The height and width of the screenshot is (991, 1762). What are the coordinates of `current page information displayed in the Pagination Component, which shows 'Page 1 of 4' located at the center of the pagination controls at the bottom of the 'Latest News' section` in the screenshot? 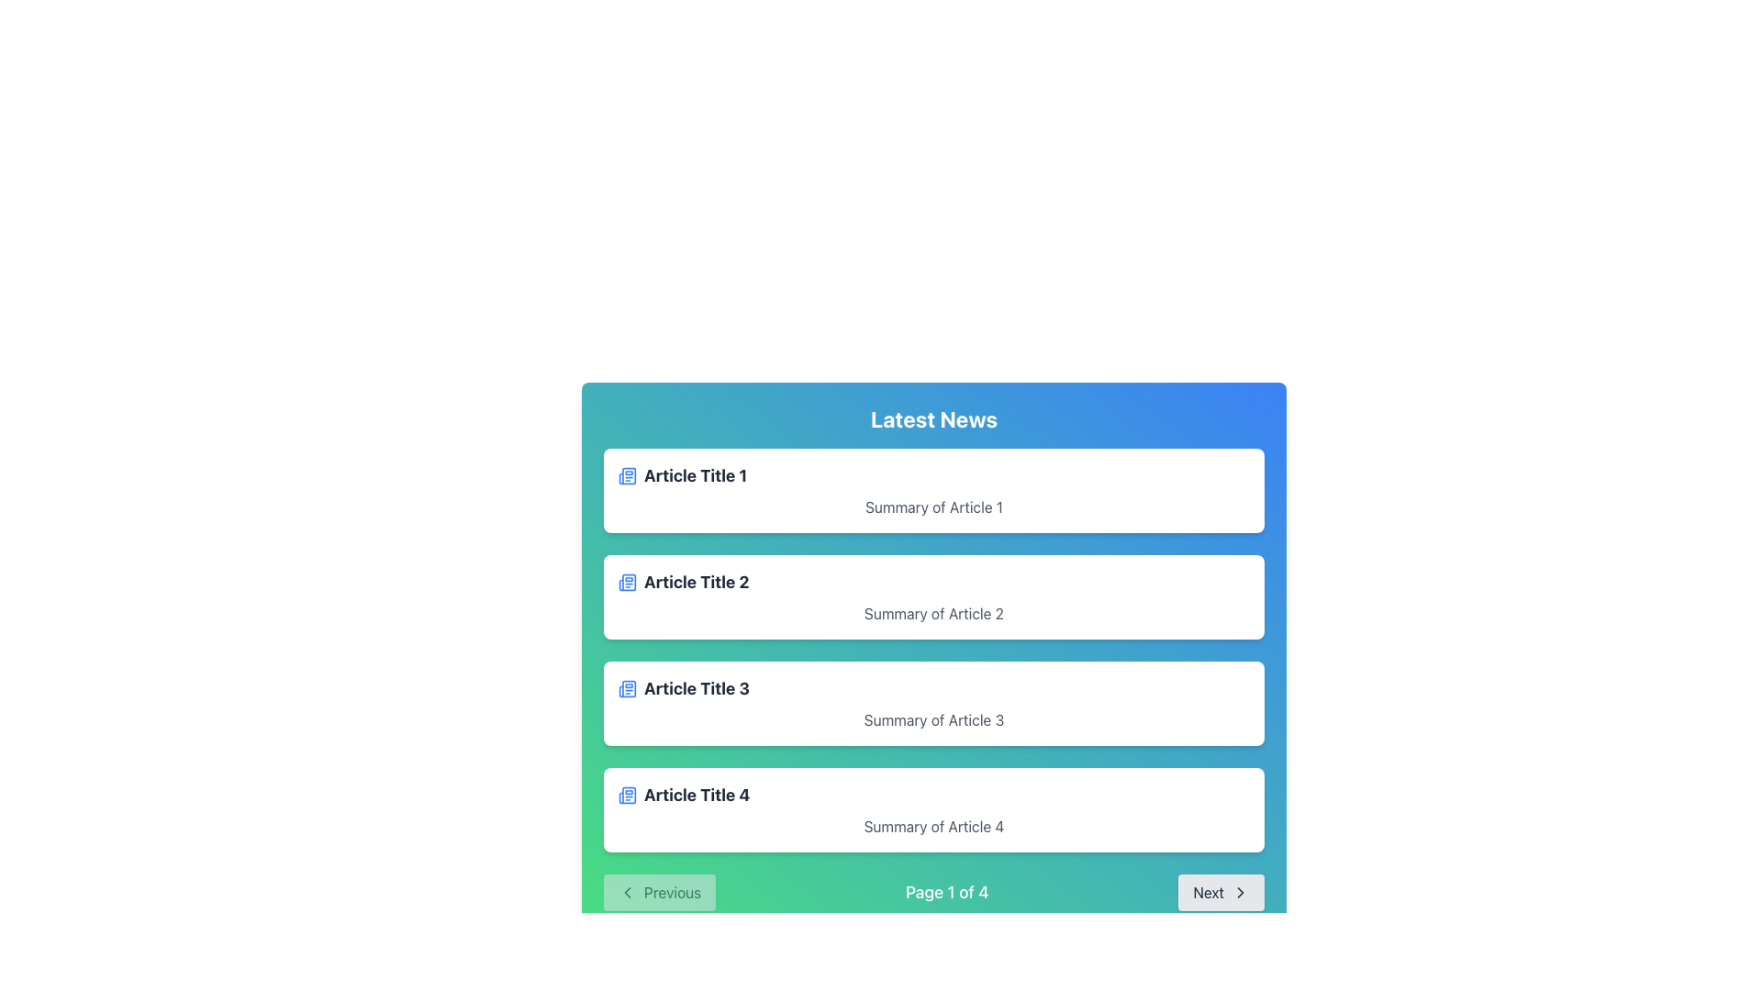 It's located at (933, 891).